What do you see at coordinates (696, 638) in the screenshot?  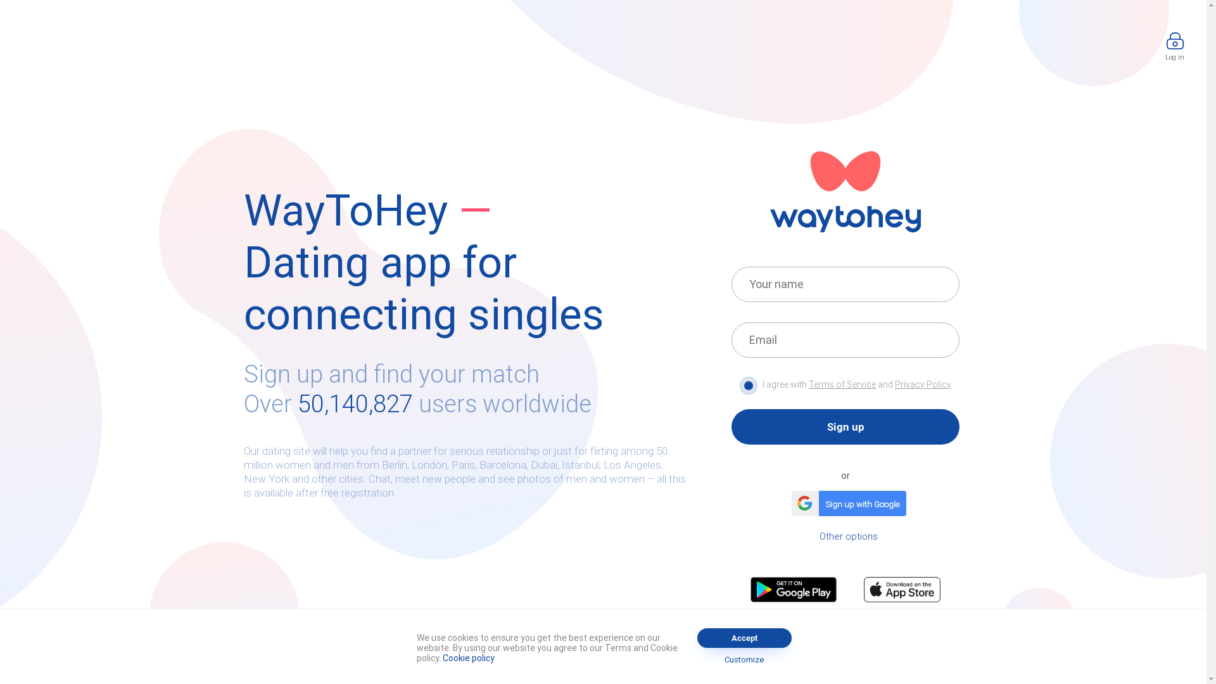 I see `'Accept'` at bounding box center [696, 638].